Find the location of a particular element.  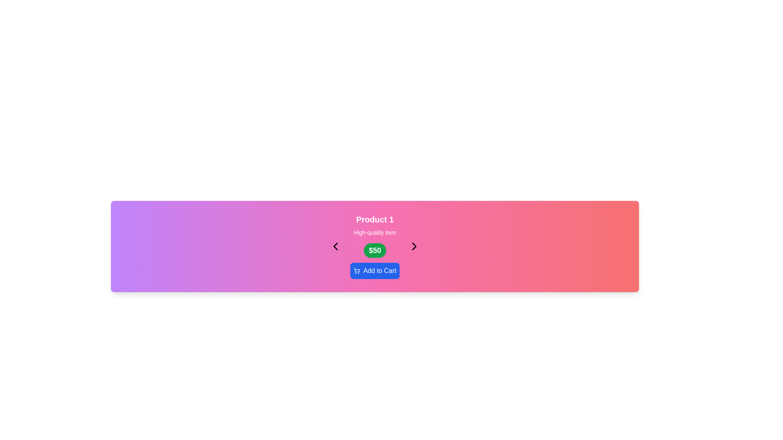

the shopping cart icon located inside the blue 'Add to Cart' button, positioned to the far left with the text 'Add to Cart' on its right is located at coordinates (356, 271).